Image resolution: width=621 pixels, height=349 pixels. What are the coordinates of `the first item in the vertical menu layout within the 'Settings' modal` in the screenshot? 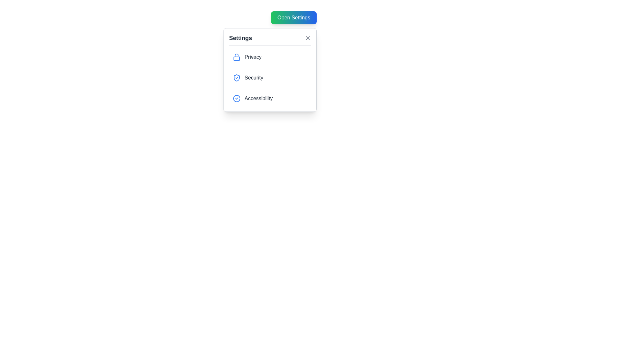 It's located at (270, 57).